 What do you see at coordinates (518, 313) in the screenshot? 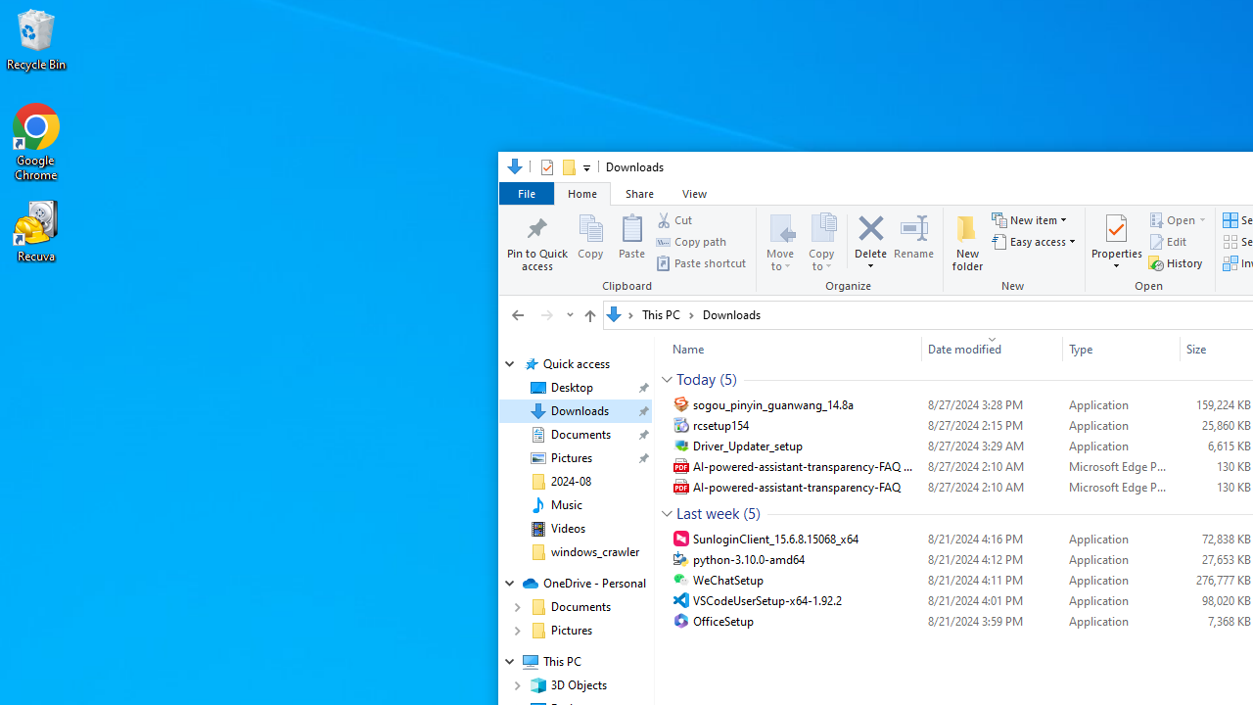
I see `'Back to Desktop (Alt + Left Arrow)'` at bounding box center [518, 313].